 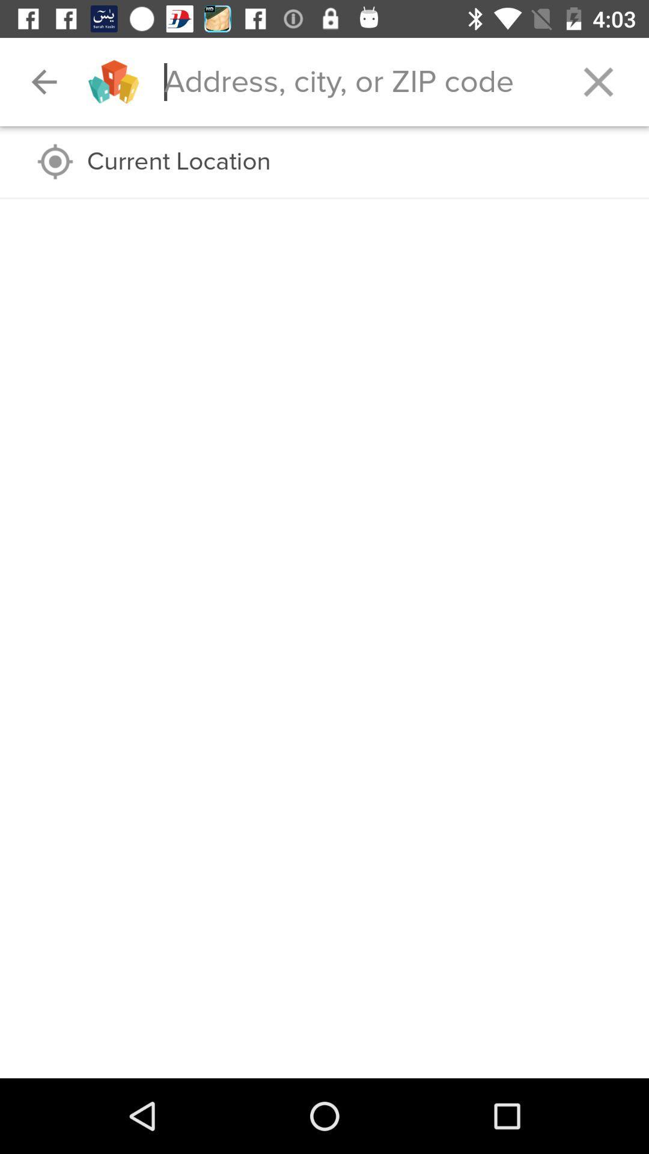 I want to click on the current location icon, so click(x=355, y=161).